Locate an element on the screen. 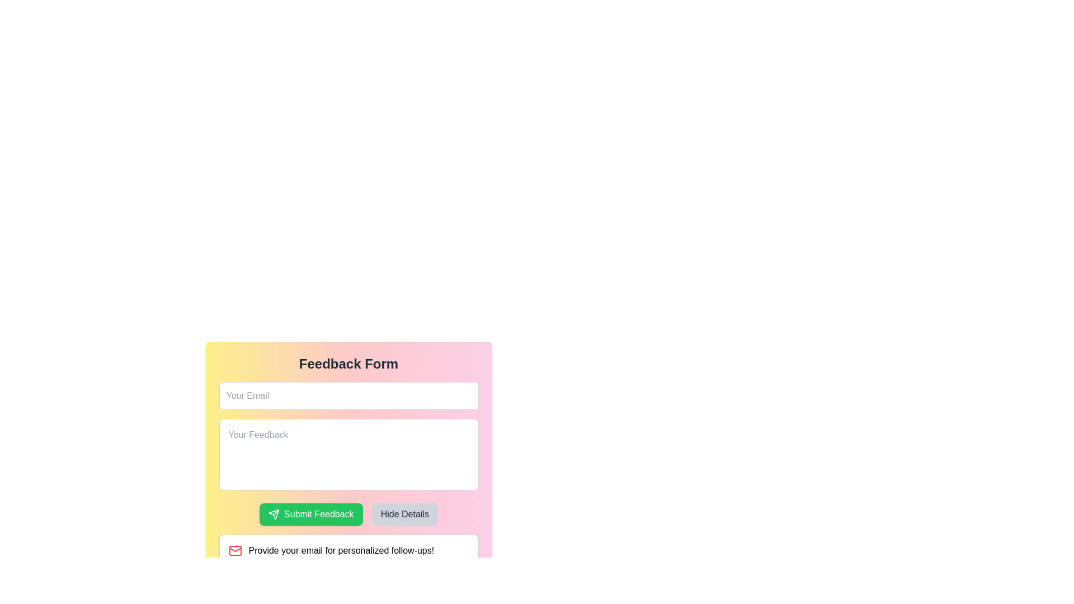 This screenshot has height=604, width=1074. the sending icon located on the left side of the 'Submit Feedback' button, which is beneath the feedback input fields is located at coordinates (274, 515).